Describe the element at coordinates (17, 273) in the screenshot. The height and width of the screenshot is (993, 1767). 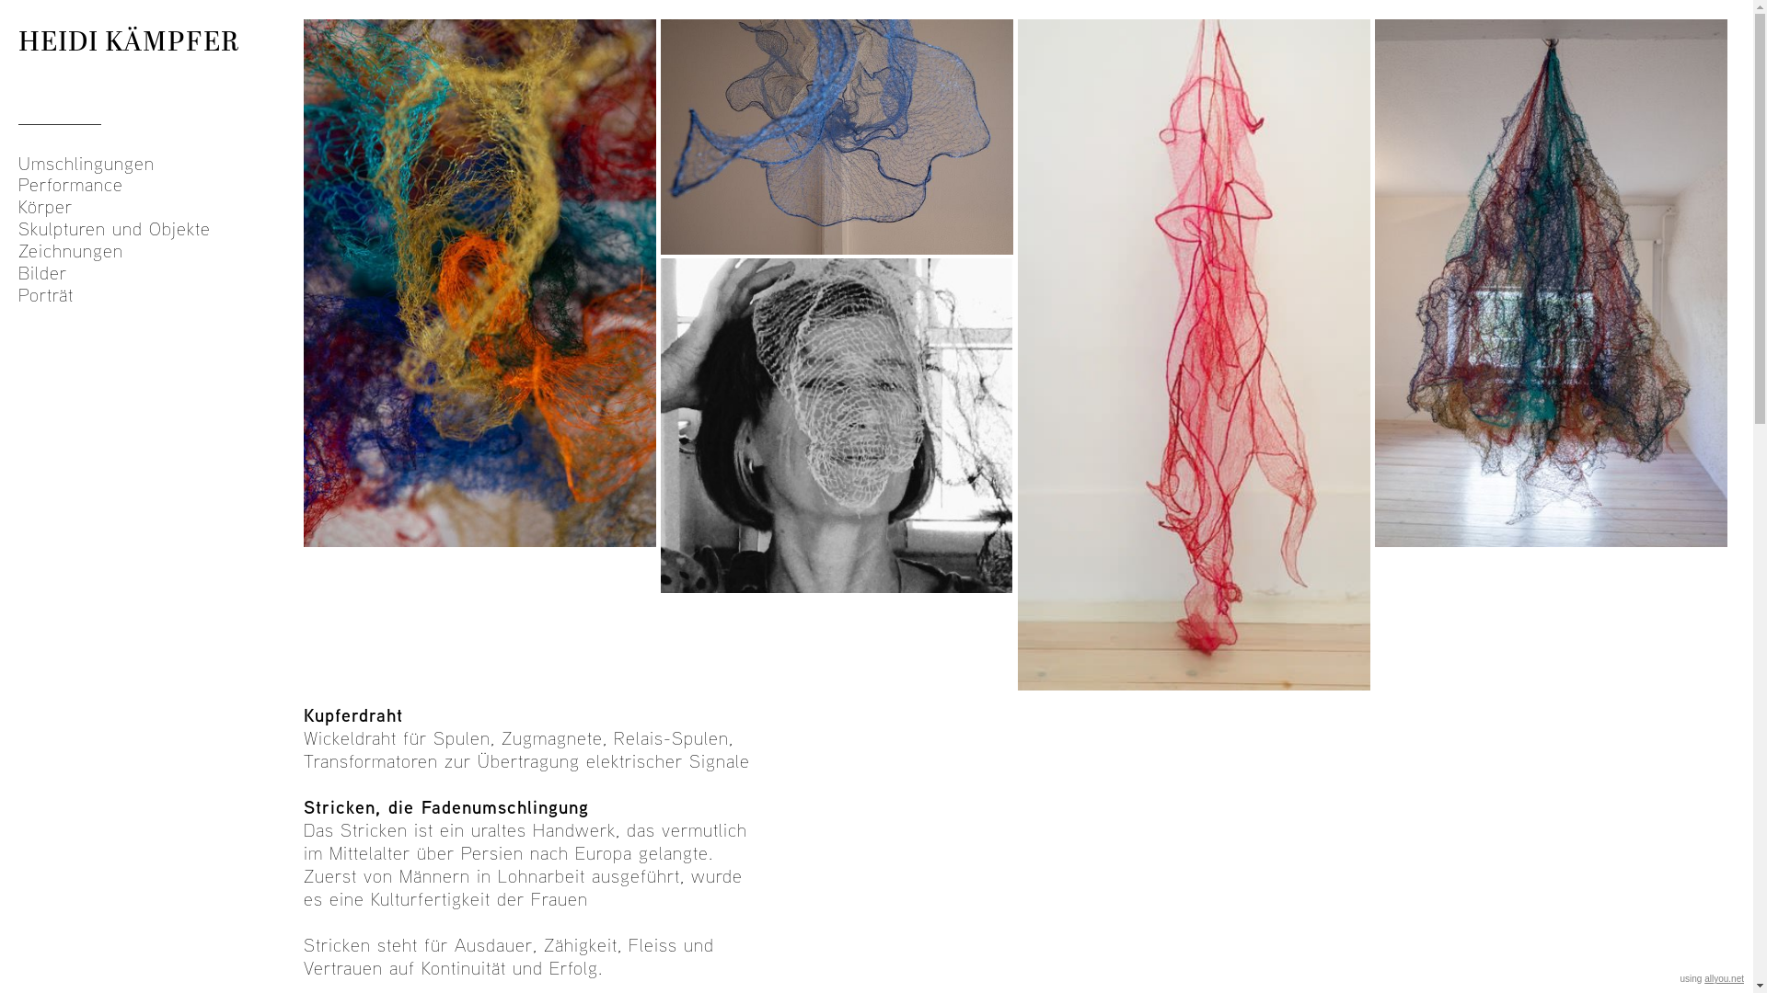
I see `'Bilder'` at that location.